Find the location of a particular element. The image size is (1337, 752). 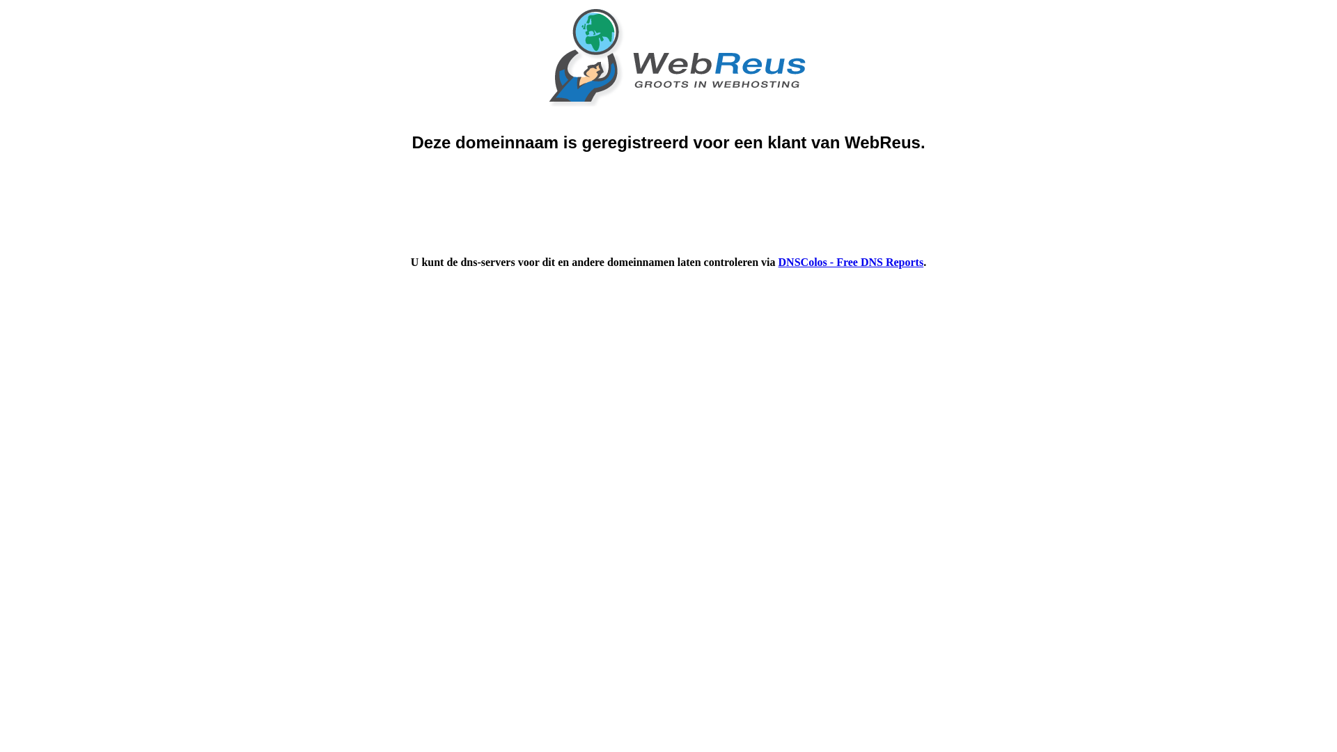

'DNSColos - Free DNS Reports' is located at coordinates (850, 262).